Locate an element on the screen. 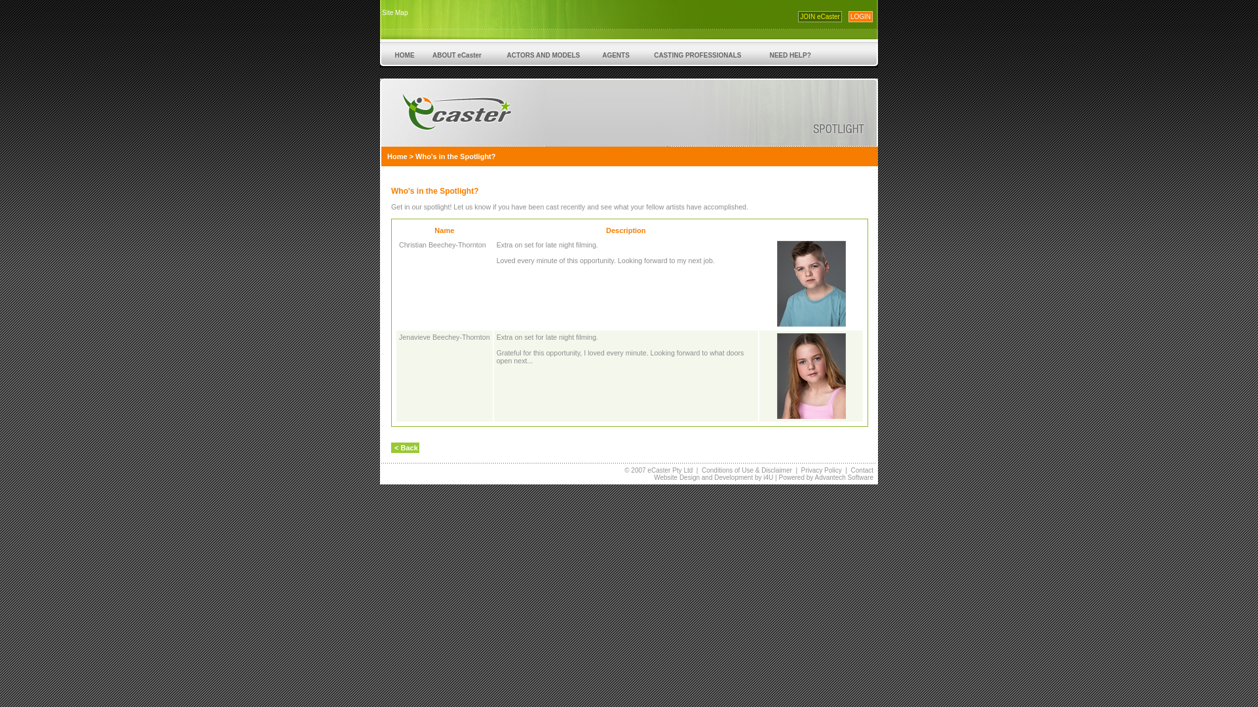  'Description' is located at coordinates (625, 229).